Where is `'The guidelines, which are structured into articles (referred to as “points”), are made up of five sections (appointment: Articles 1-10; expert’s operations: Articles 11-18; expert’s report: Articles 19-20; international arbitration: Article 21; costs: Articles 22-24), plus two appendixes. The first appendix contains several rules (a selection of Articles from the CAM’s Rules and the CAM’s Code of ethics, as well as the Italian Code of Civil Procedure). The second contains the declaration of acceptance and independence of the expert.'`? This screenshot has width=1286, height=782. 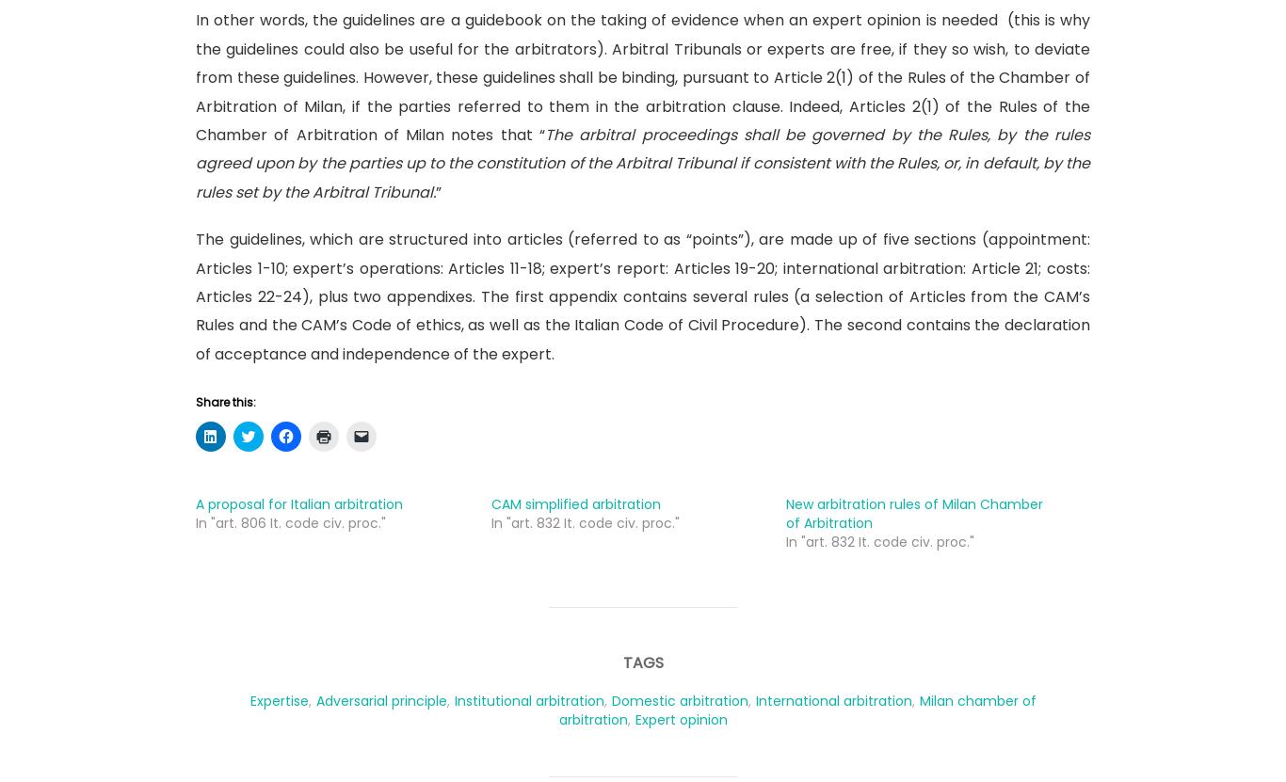 'The guidelines, which are structured into articles (referred to as “points”), are made up of five sections (appointment: Articles 1-10; expert’s operations: Articles 11-18; expert’s report: Articles 19-20; international arbitration: Article 21; costs: Articles 22-24), plus two appendixes. The first appendix contains several rules (a selection of Articles from the CAM’s Rules and the CAM’s Code of ethics, as well as the Italian Code of Civil Procedure). The second contains the declaration of acceptance and independence of the expert.' is located at coordinates (643, 296).